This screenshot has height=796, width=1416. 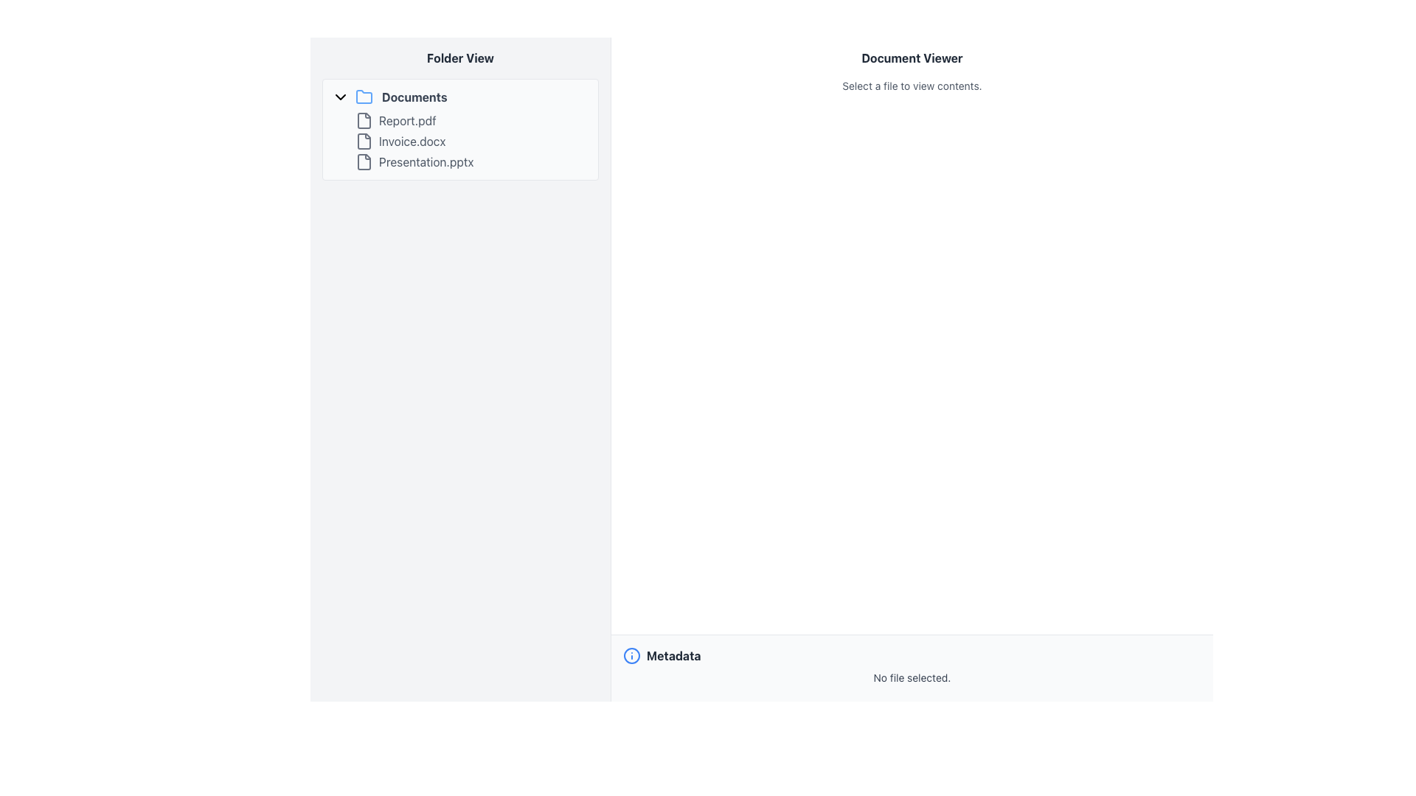 What do you see at coordinates (364, 97) in the screenshot?
I see `the 'Documents' folder SVG icon located to the right of the arrow icon for expand/collapse functionality` at bounding box center [364, 97].